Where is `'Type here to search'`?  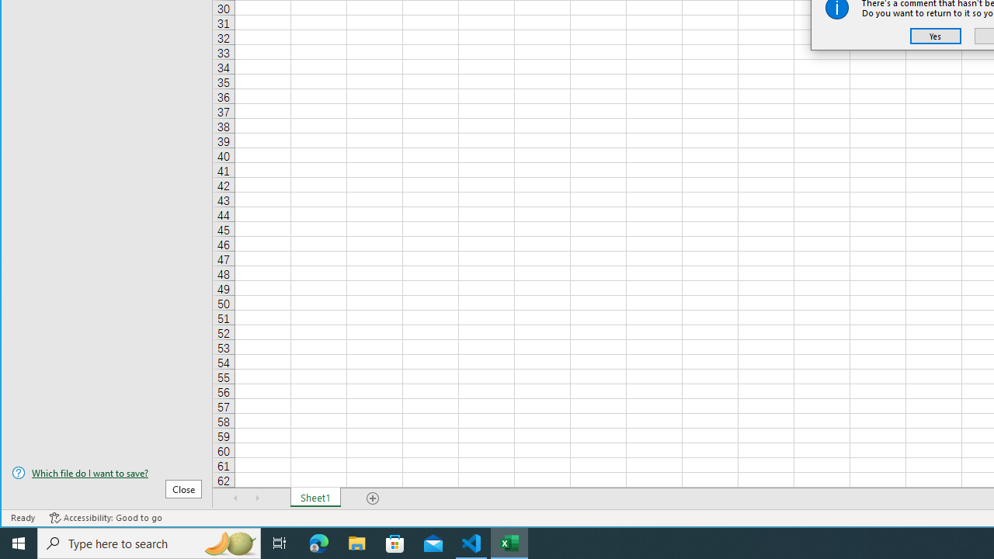
'Type here to search' is located at coordinates (149, 542).